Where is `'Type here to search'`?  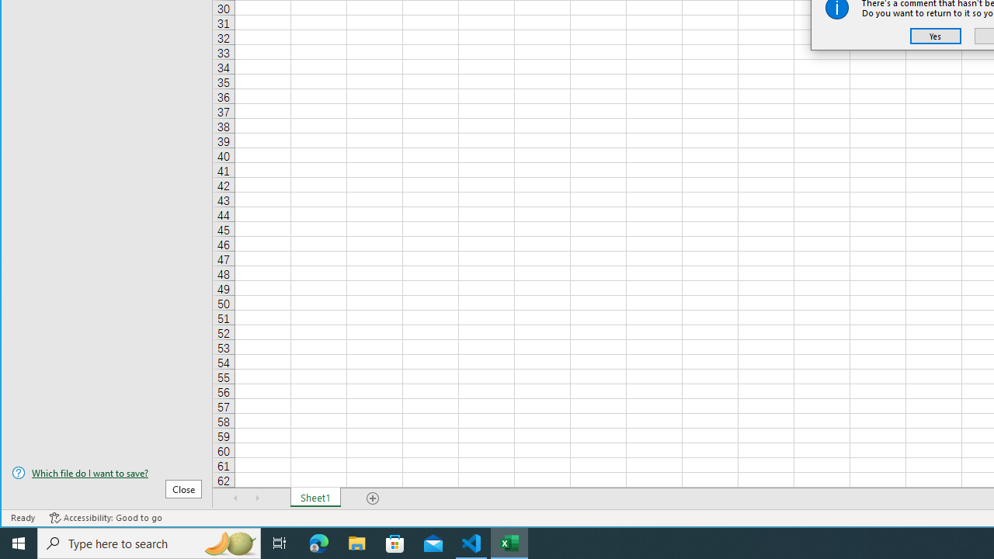
'Type here to search' is located at coordinates (149, 542).